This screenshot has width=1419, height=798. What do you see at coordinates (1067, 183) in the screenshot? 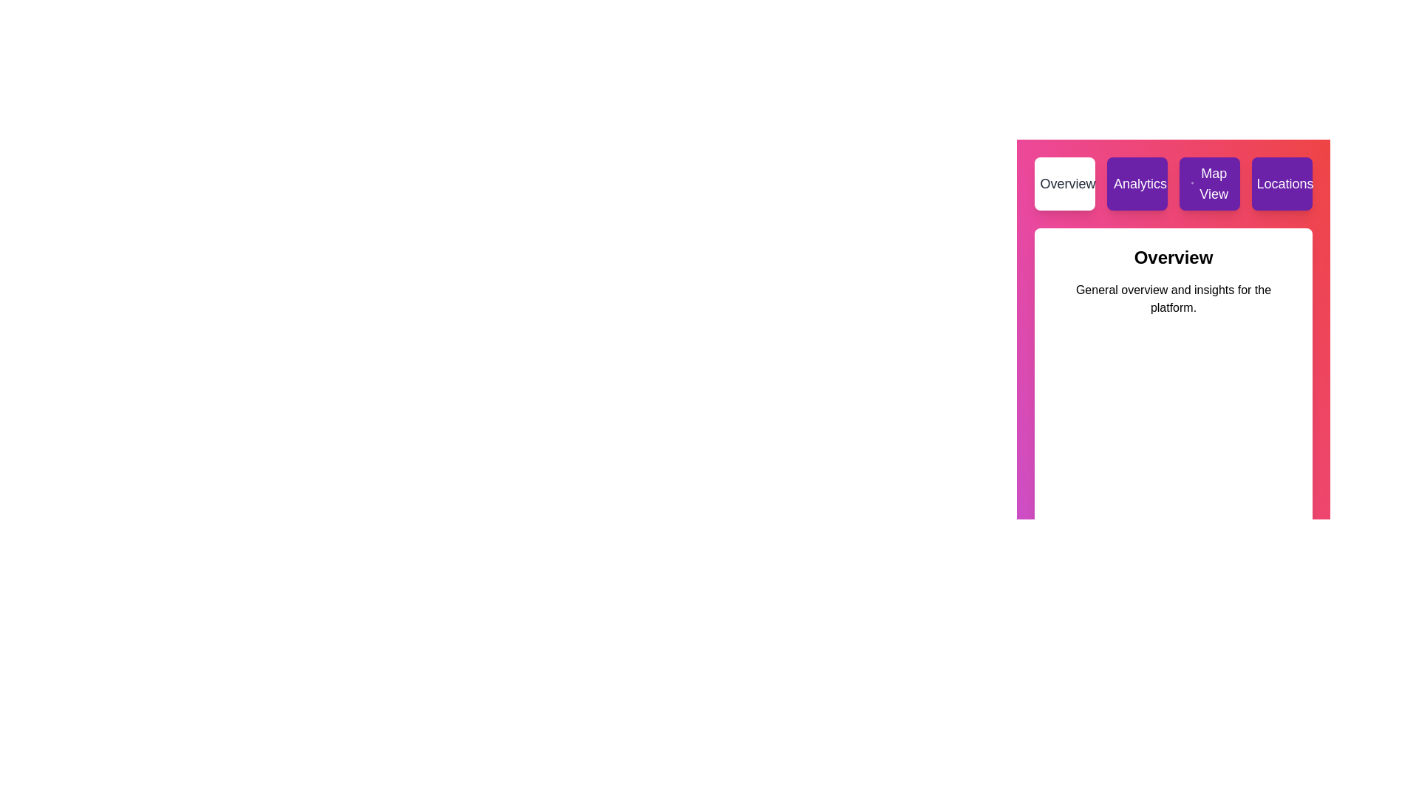
I see `the 'Overview' label, which is the first item in a horizontally aligned navigation bar, displayed in bold font within a white card-like component on a gradient pink-purple background` at bounding box center [1067, 183].